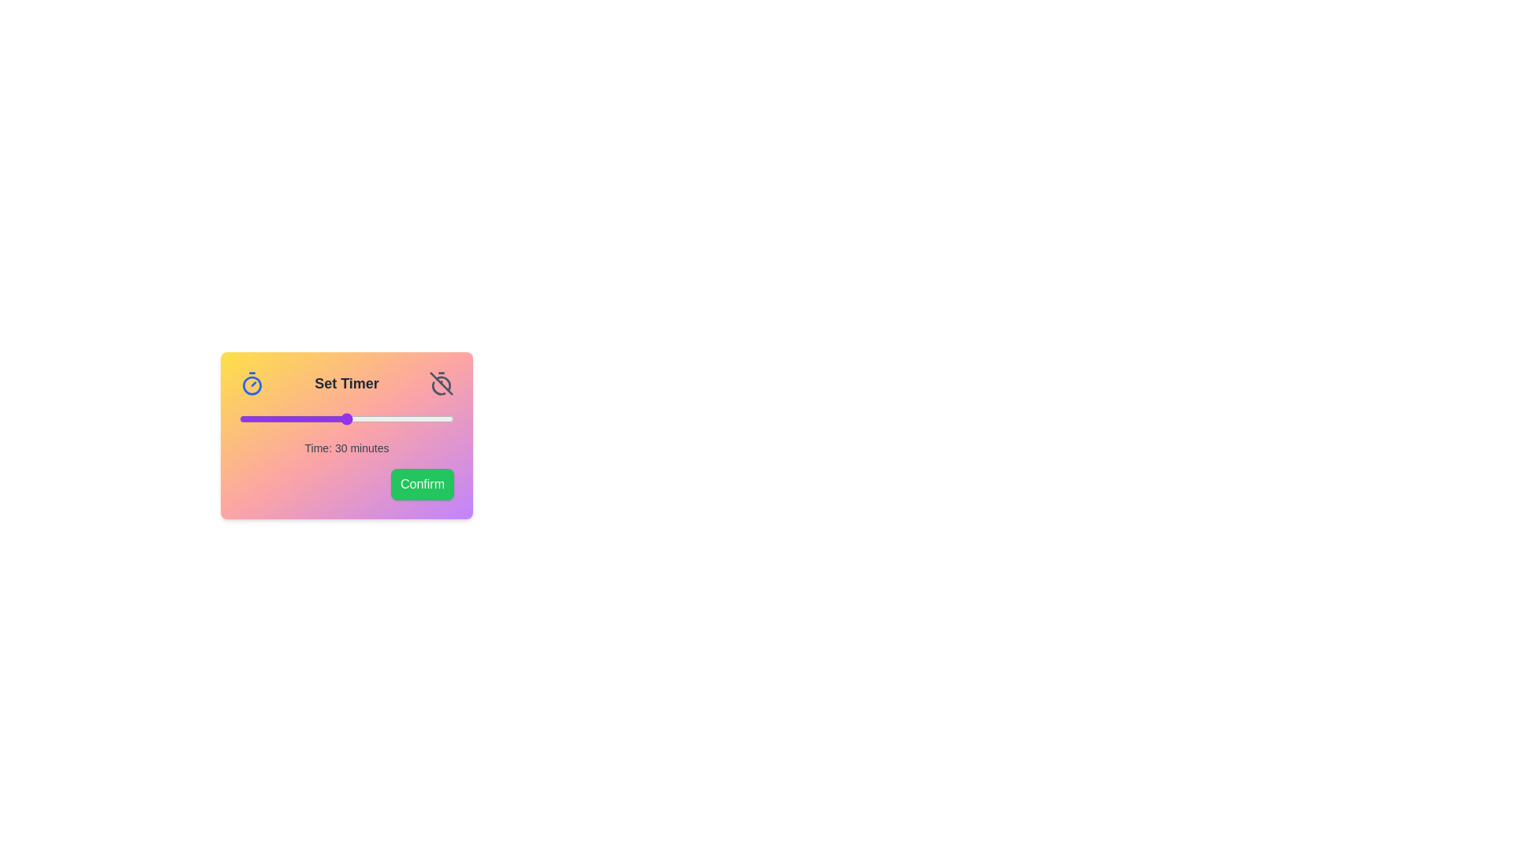 The image size is (1514, 851). I want to click on the confirm button to confirm the selected time, so click(423, 483).